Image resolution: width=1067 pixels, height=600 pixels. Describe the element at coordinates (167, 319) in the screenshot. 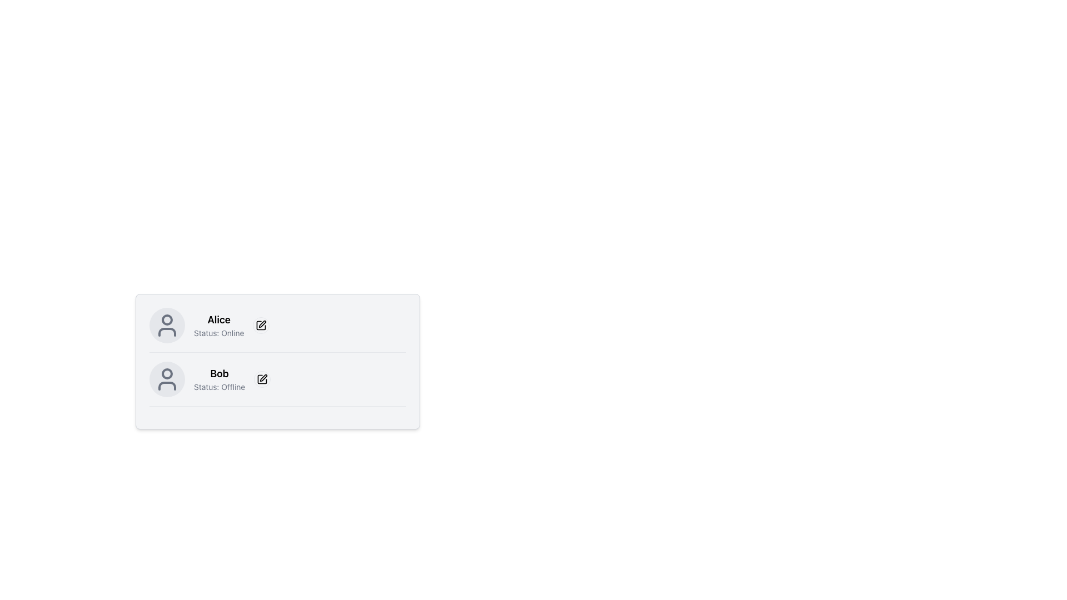

I see `the SVG circle graphic that indicates a specific state or serves a decorative purpose, located within the upper part of the user profile icon, the first item in the list of two user entries` at that location.